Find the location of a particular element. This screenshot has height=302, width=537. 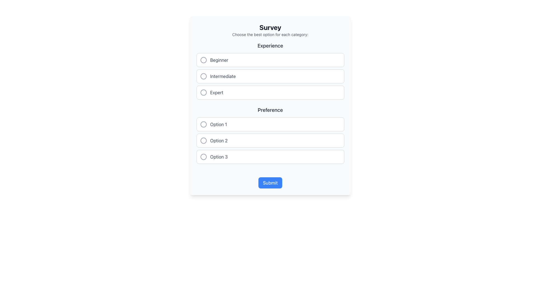

the second radio button option within the 'Preference' labeled form is located at coordinates (203, 140).